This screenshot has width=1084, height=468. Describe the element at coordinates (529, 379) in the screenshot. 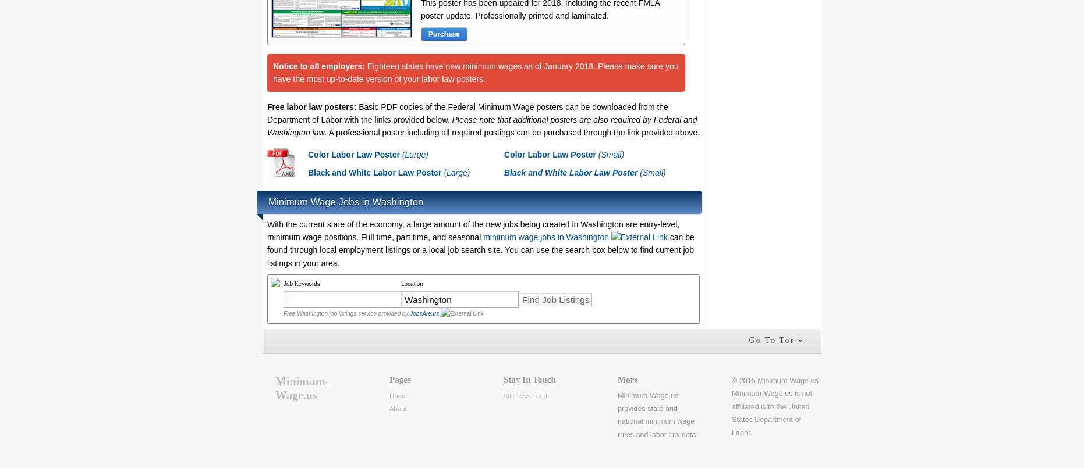

I see `'Stay In Touch'` at that location.